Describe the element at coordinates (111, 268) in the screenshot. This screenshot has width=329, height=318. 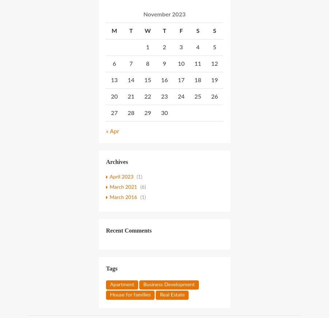
I see `'Tags'` at that location.